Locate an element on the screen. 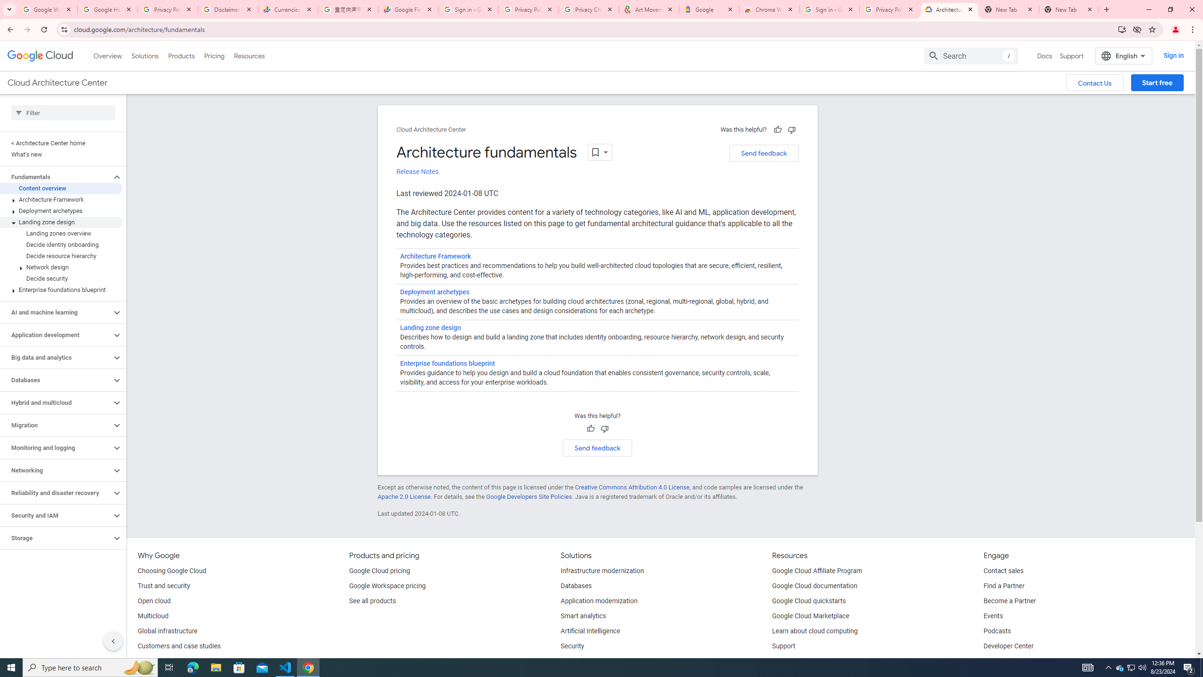 This screenshot has height=677, width=1203. 'Multicloud' is located at coordinates (153, 616).